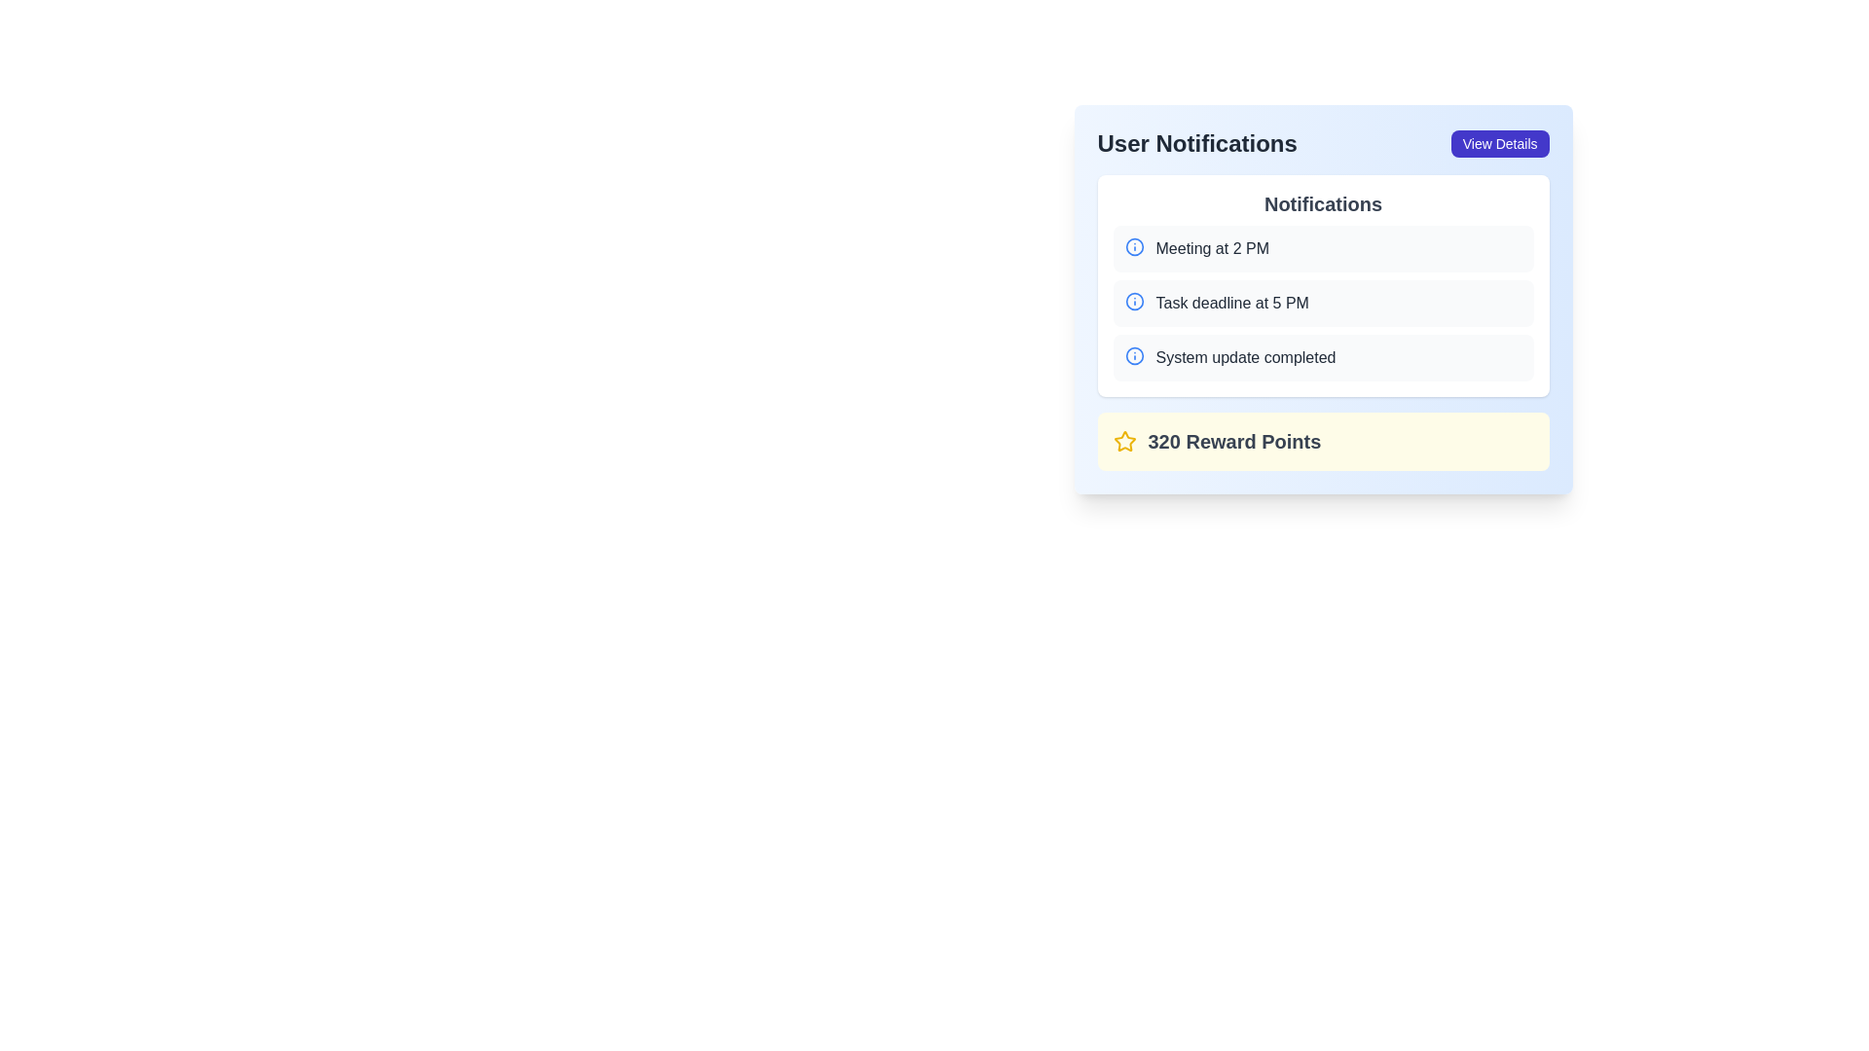  I want to click on the circular blue outline icon with a white fill, representing an information symbol, located in the notifications list next to the text 'Meeting at 2 PM', so click(1134, 246).